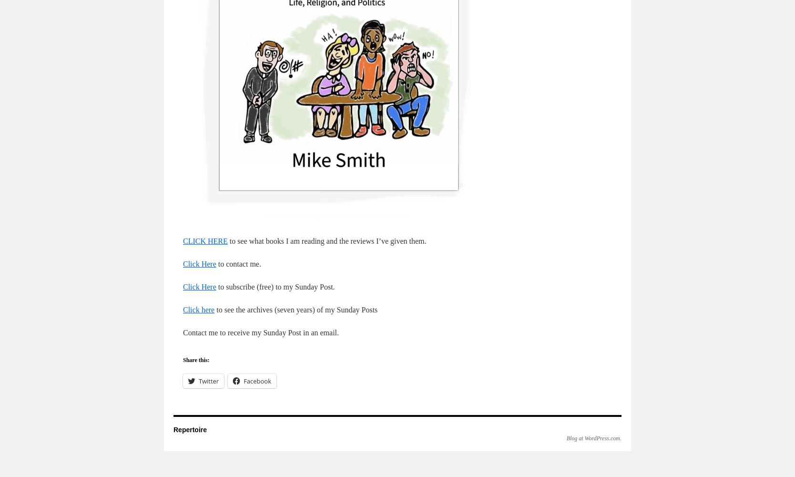  I want to click on 'Twitter', so click(209, 381).